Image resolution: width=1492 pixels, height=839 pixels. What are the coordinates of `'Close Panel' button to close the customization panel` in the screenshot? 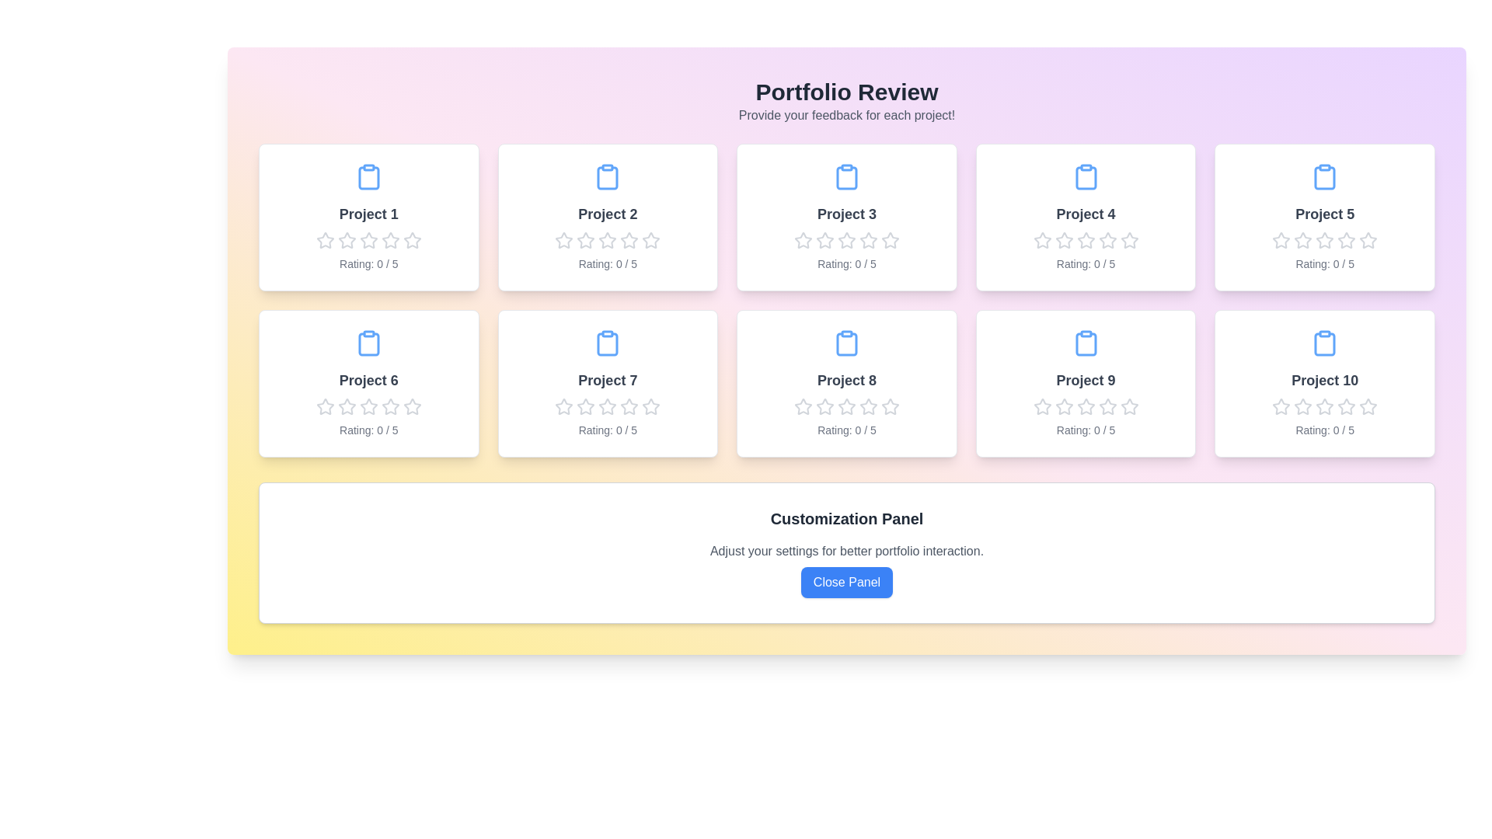 It's located at (845, 582).